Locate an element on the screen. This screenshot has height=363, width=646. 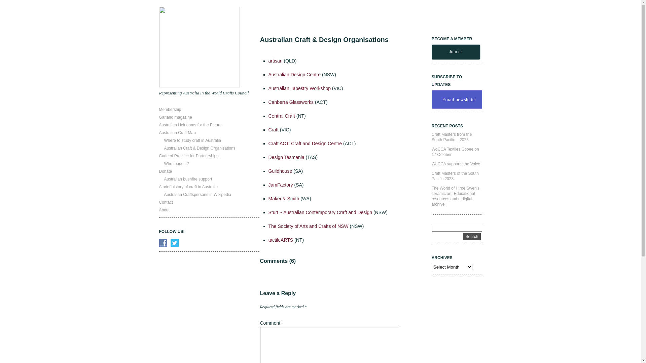
'Sturt ~ Australian Contemporary Craft and Design' is located at coordinates (320, 212).